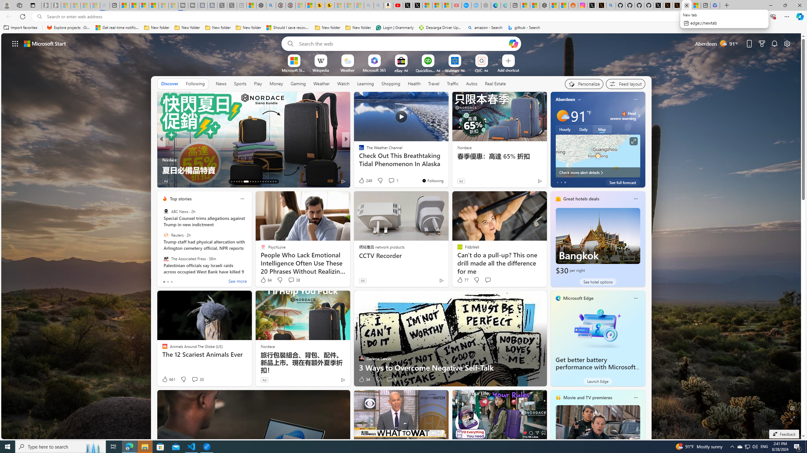 The height and width of the screenshot is (453, 807). I want to click on 'Day 1: Arriving in Yemen (surreal to be here) - YouTube', so click(398, 5).